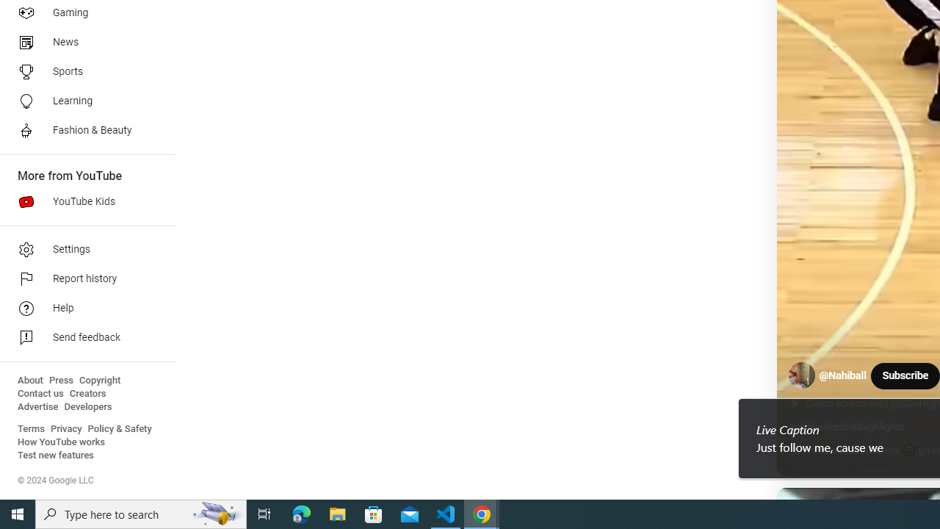  I want to click on 'Developers', so click(87, 407).